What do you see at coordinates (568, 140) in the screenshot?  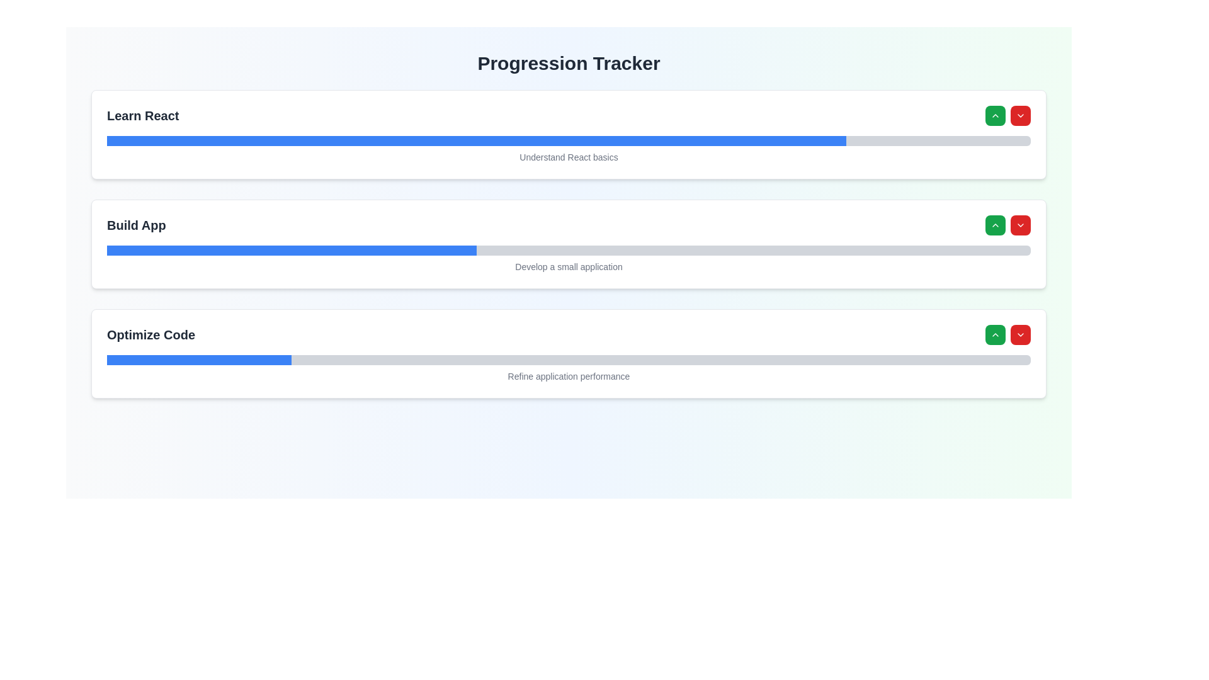 I see `the progress bar indicating 80% completion located in the 'Learn React' section, positioned above the 'Understand React basics' text` at bounding box center [568, 140].